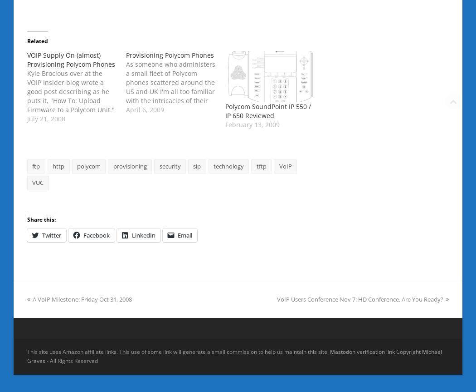 The width and height of the screenshot is (476, 392). Describe the element at coordinates (234, 356) in the screenshot. I see `'Michael Graves'` at that location.